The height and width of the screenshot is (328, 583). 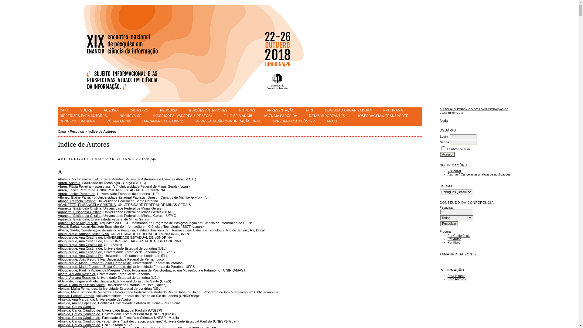 I want to click on 'Albuquerque, Paulina Aparecida Marques Vieira', so click(x=93, y=270).